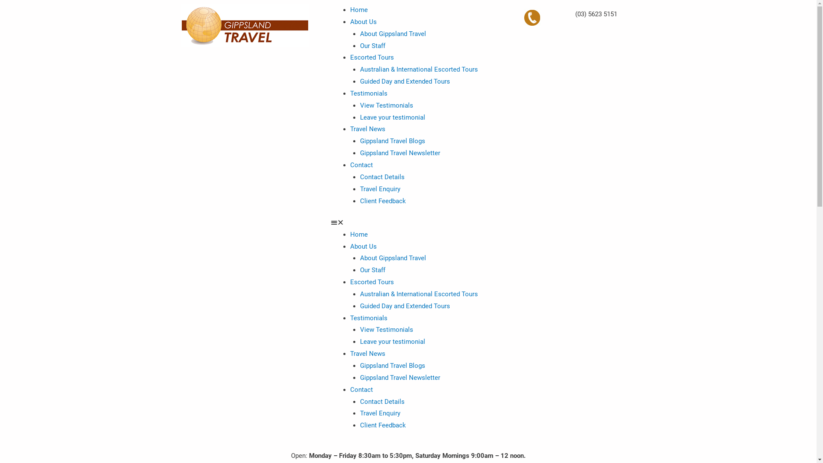 Image resolution: width=823 pixels, height=463 pixels. I want to click on 'Home', so click(359, 235).